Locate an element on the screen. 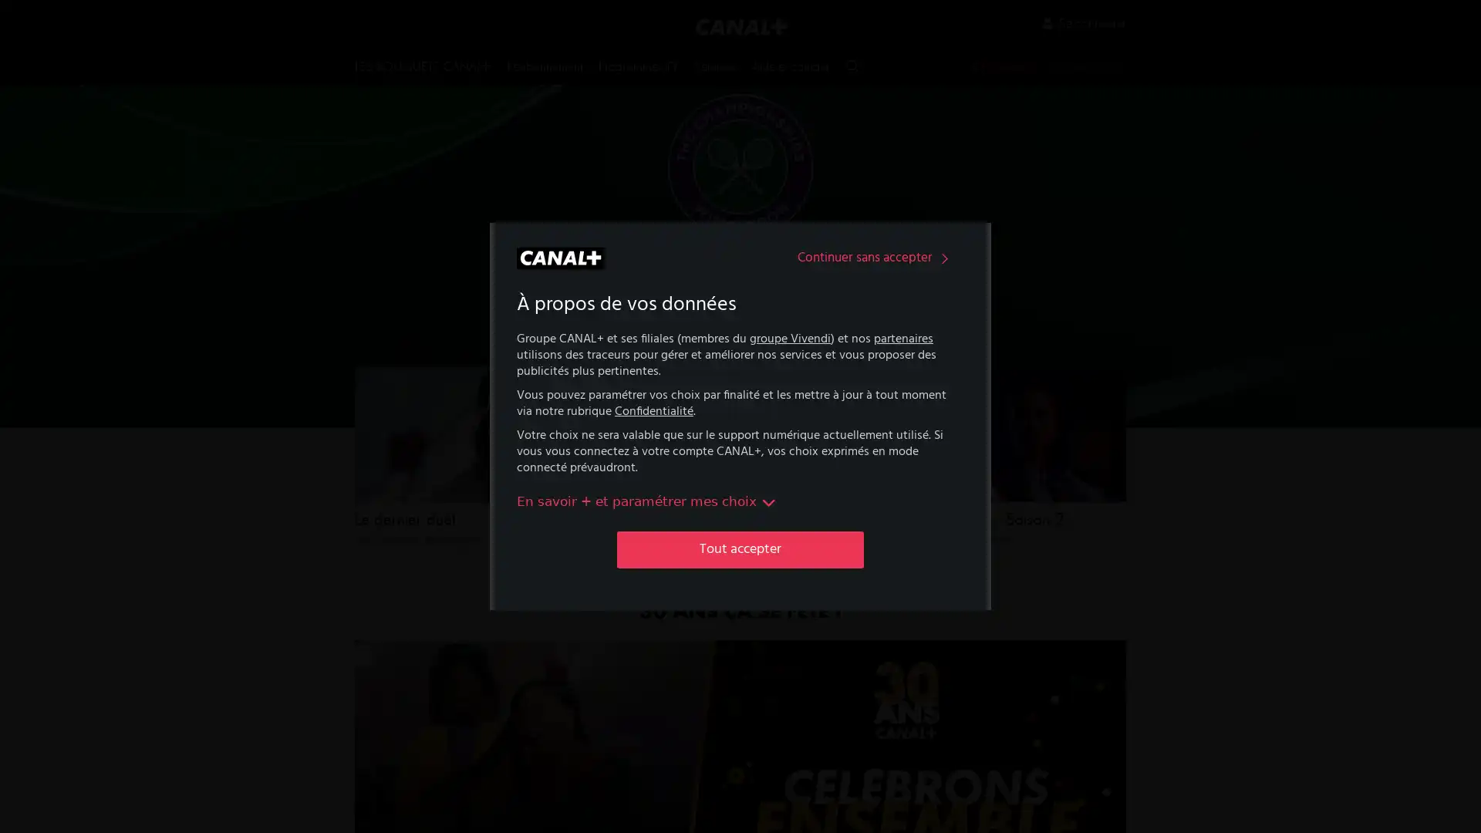 The image size is (1481, 833). Senegal is located at coordinates (887, 496).